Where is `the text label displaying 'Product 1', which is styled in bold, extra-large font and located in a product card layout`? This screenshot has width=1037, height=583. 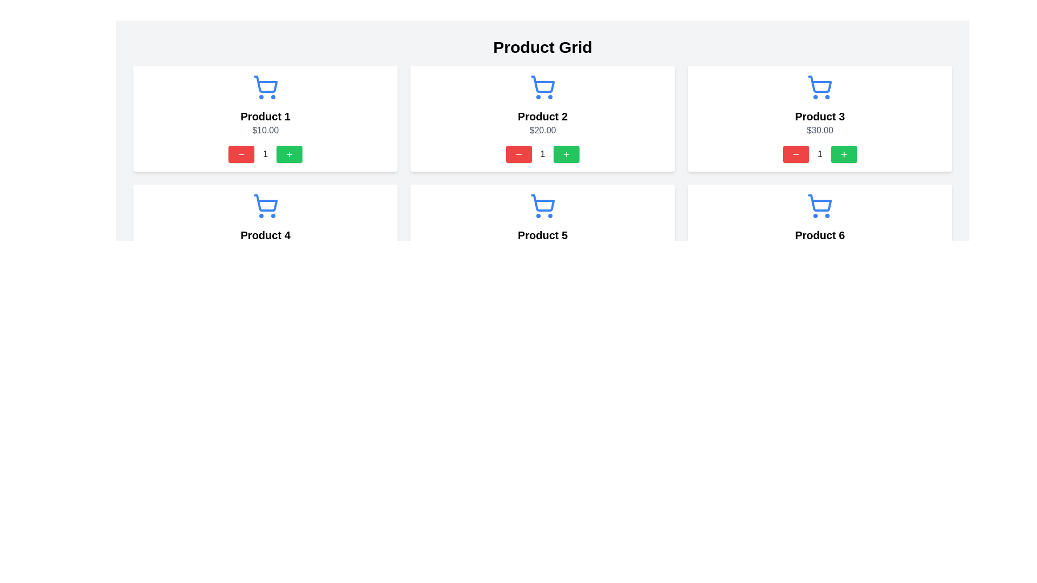
the text label displaying 'Product 1', which is styled in bold, extra-large font and located in a product card layout is located at coordinates (265, 117).